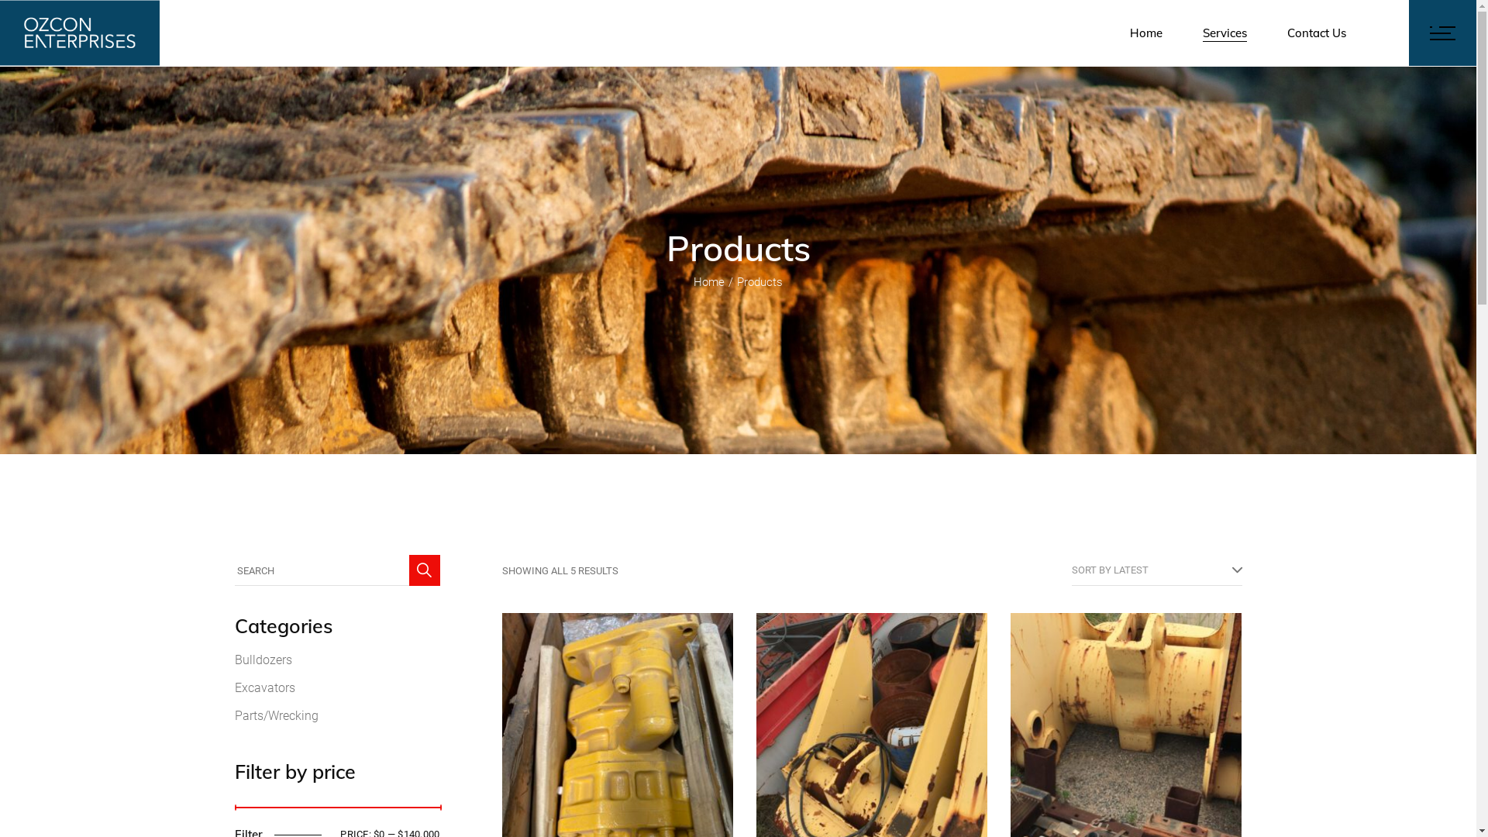  What do you see at coordinates (263, 660) in the screenshot?
I see `'Bulldozers'` at bounding box center [263, 660].